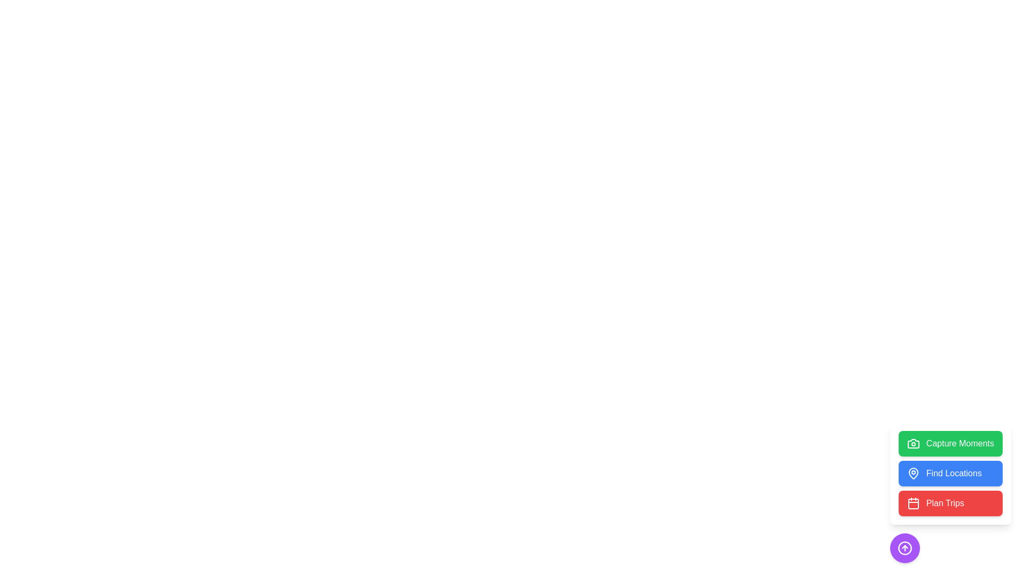  What do you see at coordinates (950, 444) in the screenshot?
I see `'Capture Moments' button to initiate the capture action` at bounding box center [950, 444].